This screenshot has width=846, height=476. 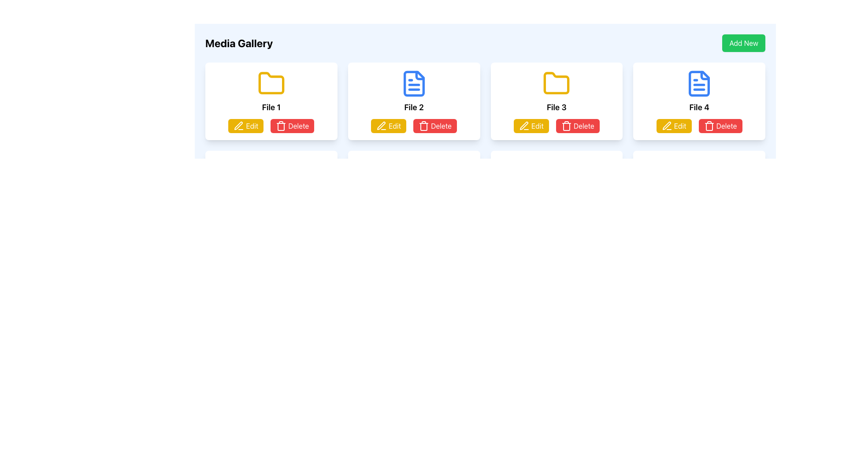 What do you see at coordinates (577, 126) in the screenshot?
I see `the delete button located at the bottom right of the third file card` at bounding box center [577, 126].